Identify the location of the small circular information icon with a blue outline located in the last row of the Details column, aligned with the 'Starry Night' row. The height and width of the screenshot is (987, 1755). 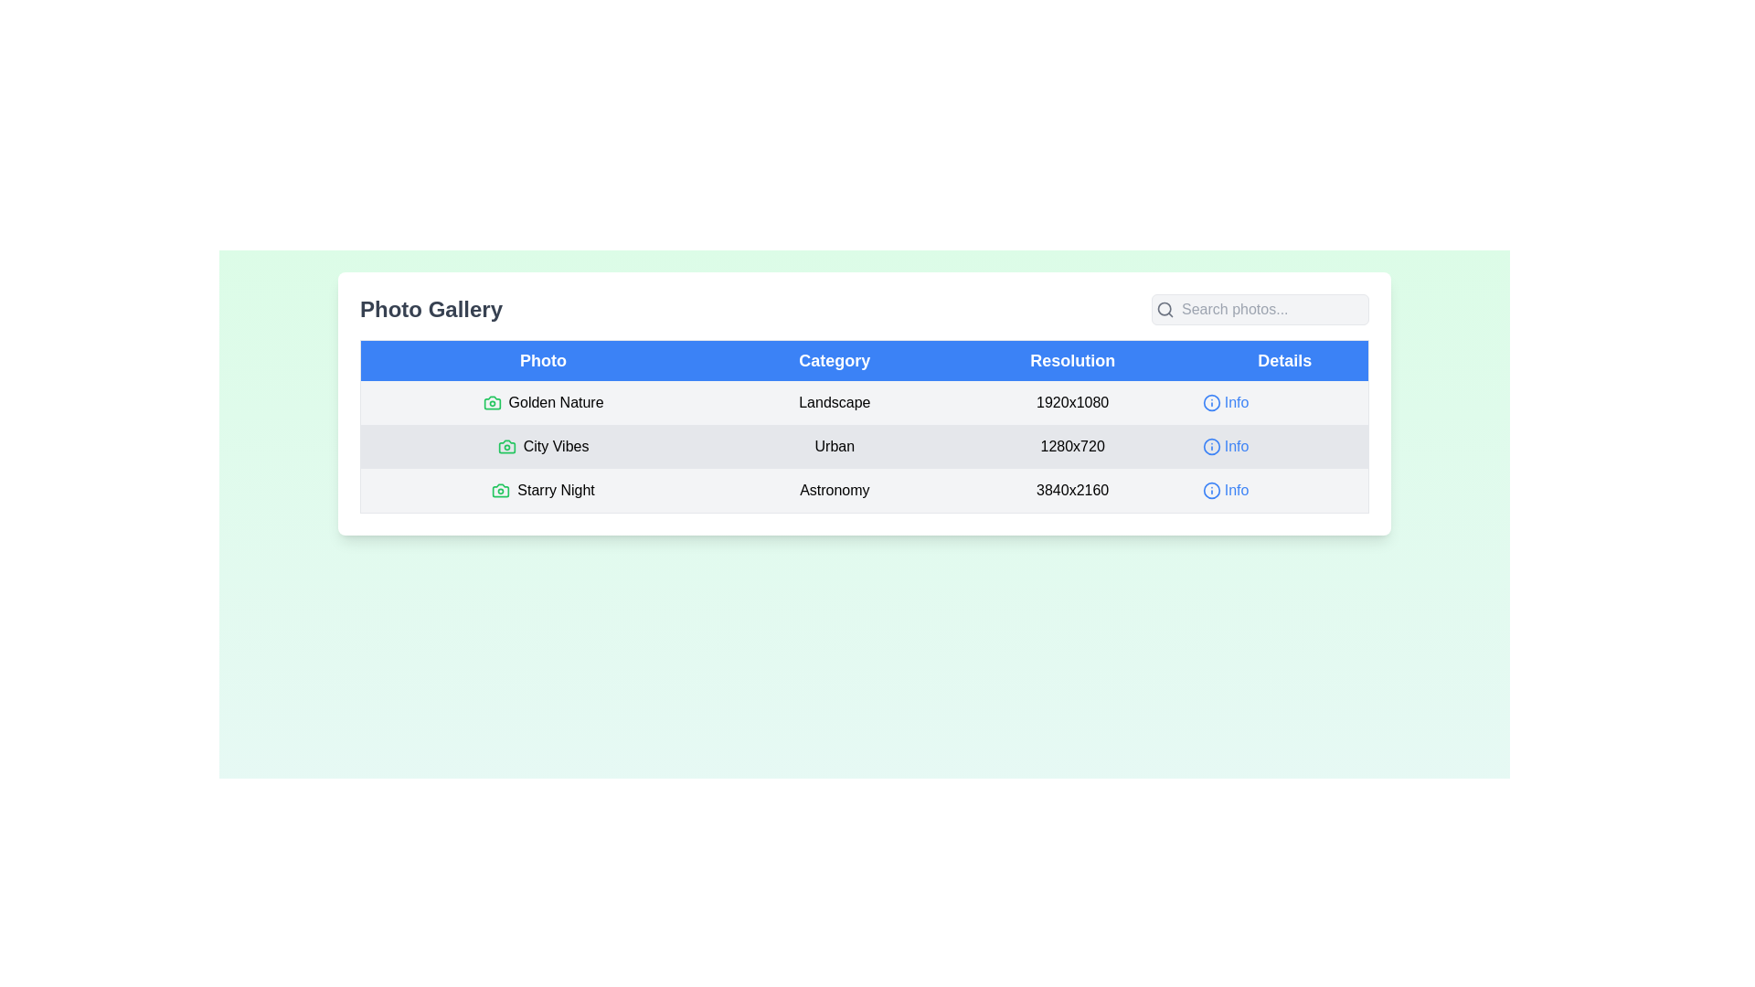
(1211, 489).